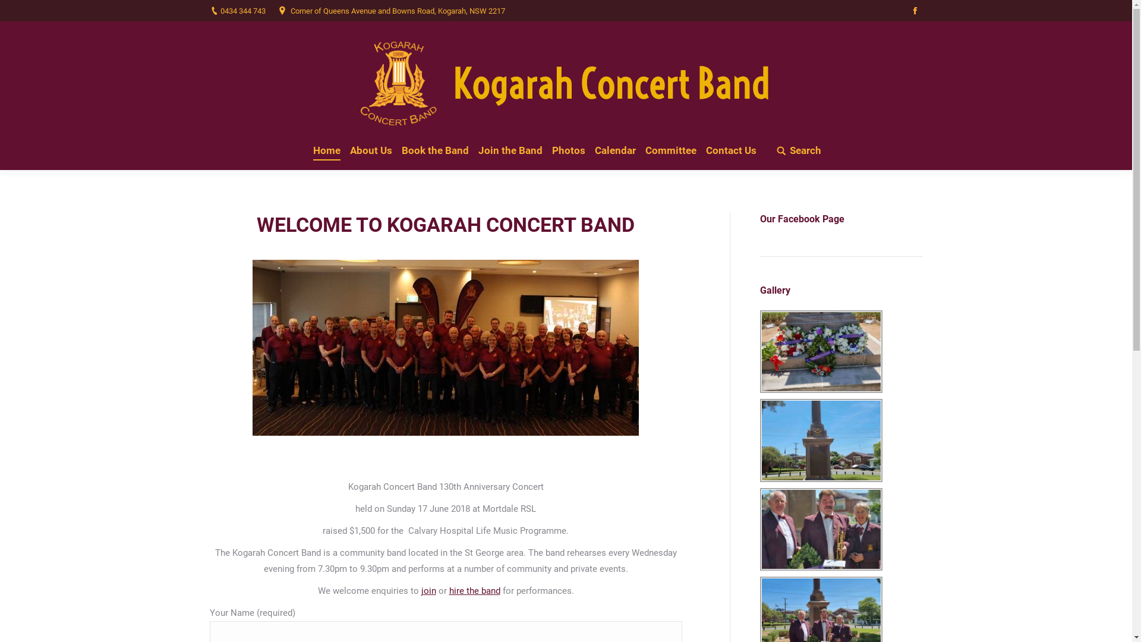 Image resolution: width=1141 pixels, height=642 pixels. I want to click on 'Committee', so click(670, 150).